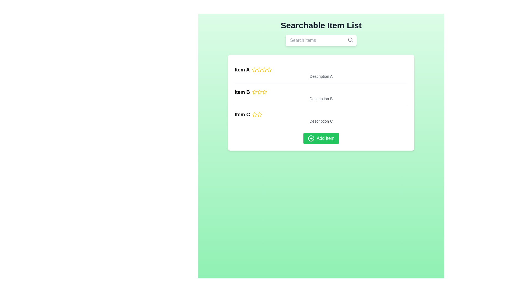  Describe the element at coordinates (321, 102) in the screenshot. I see `the Text Display element that shows information about 'Item B', which is the second item in the list and located centrally under the header` at that location.